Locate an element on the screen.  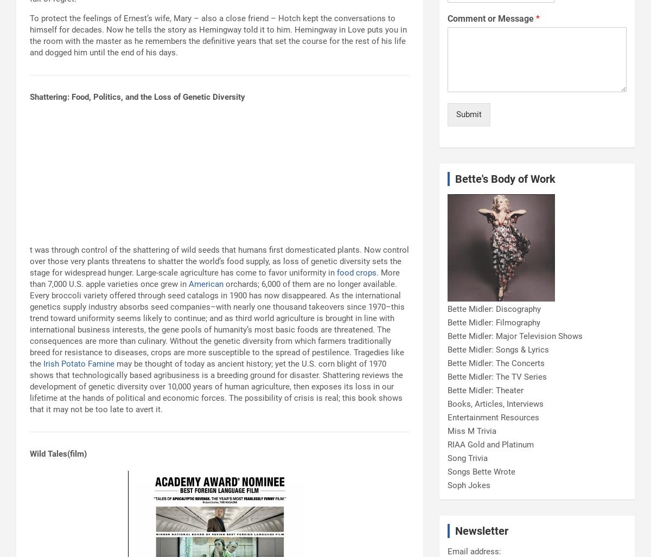
'Bette Midler: Theater' is located at coordinates (484, 390).